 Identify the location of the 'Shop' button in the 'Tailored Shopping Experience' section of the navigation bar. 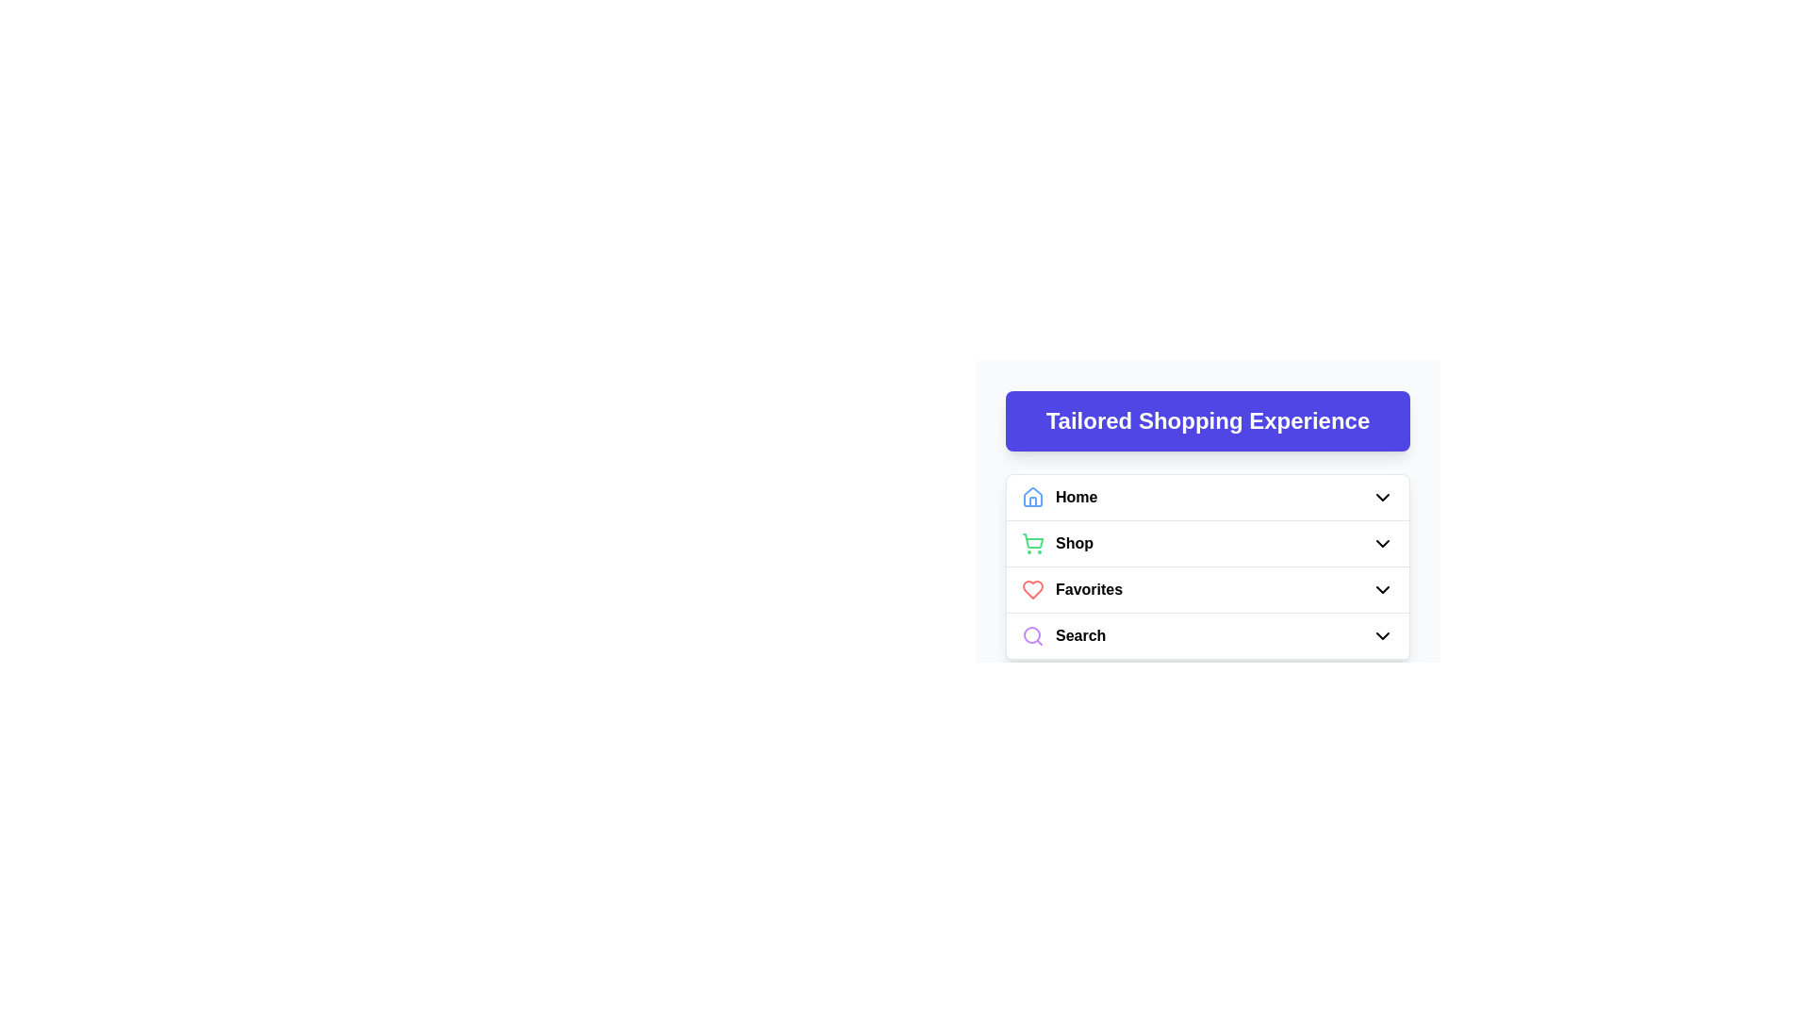
(1208, 544).